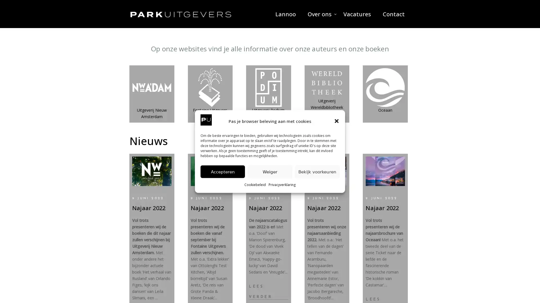 The image size is (540, 303). What do you see at coordinates (222, 171) in the screenshot?
I see `Accepteren` at bounding box center [222, 171].